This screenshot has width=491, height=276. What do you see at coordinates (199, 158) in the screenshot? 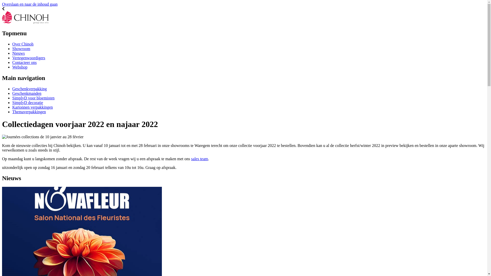
I see `'sales team'` at bounding box center [199, 158].